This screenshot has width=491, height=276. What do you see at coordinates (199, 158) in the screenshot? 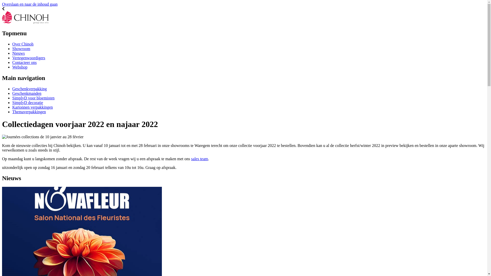
I see `'sales team'` at bounding box center [199, 158].